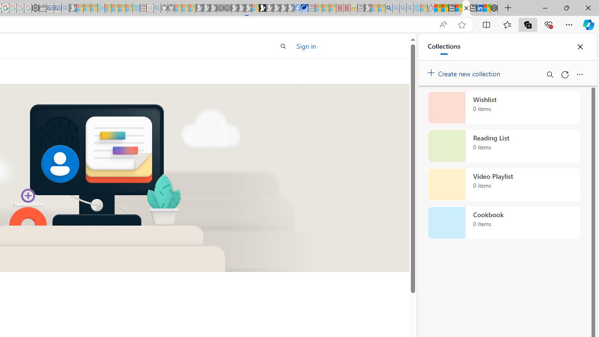 The width and height of the screenshot is (599, 337). What do you see at coordinates (466, 71) in the screenshot?
I see `'Create new collection'` at bounding box center [466, 71].